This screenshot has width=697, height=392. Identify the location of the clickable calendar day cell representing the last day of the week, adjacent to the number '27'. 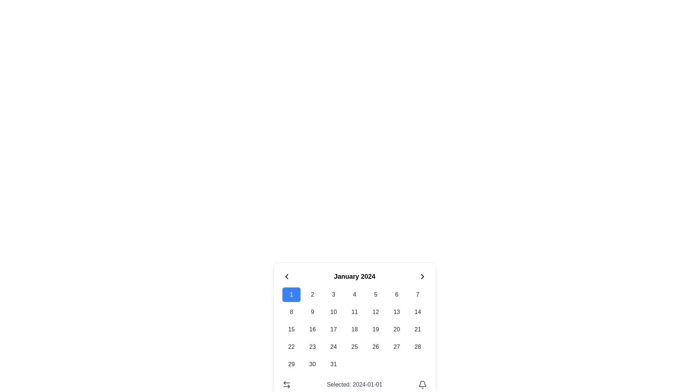
(418, 347).